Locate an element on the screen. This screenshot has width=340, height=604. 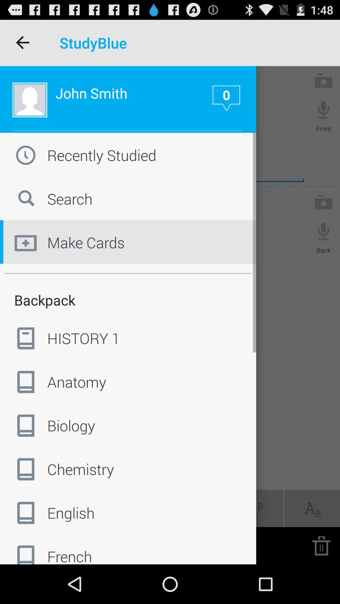
the microphone icon is located at coordinates (323, 117).